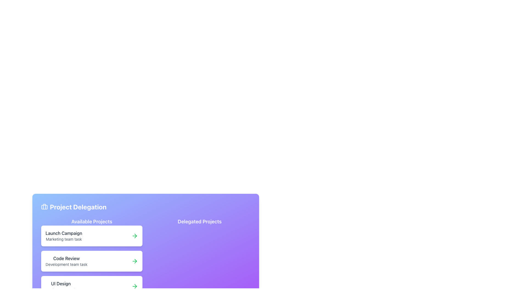 This screenshot has height=296, width=527. I want to click on text in the title of the first project card under the 'Available Projects' section, which is the first line of text and serves as the project name, so click(64, 233).